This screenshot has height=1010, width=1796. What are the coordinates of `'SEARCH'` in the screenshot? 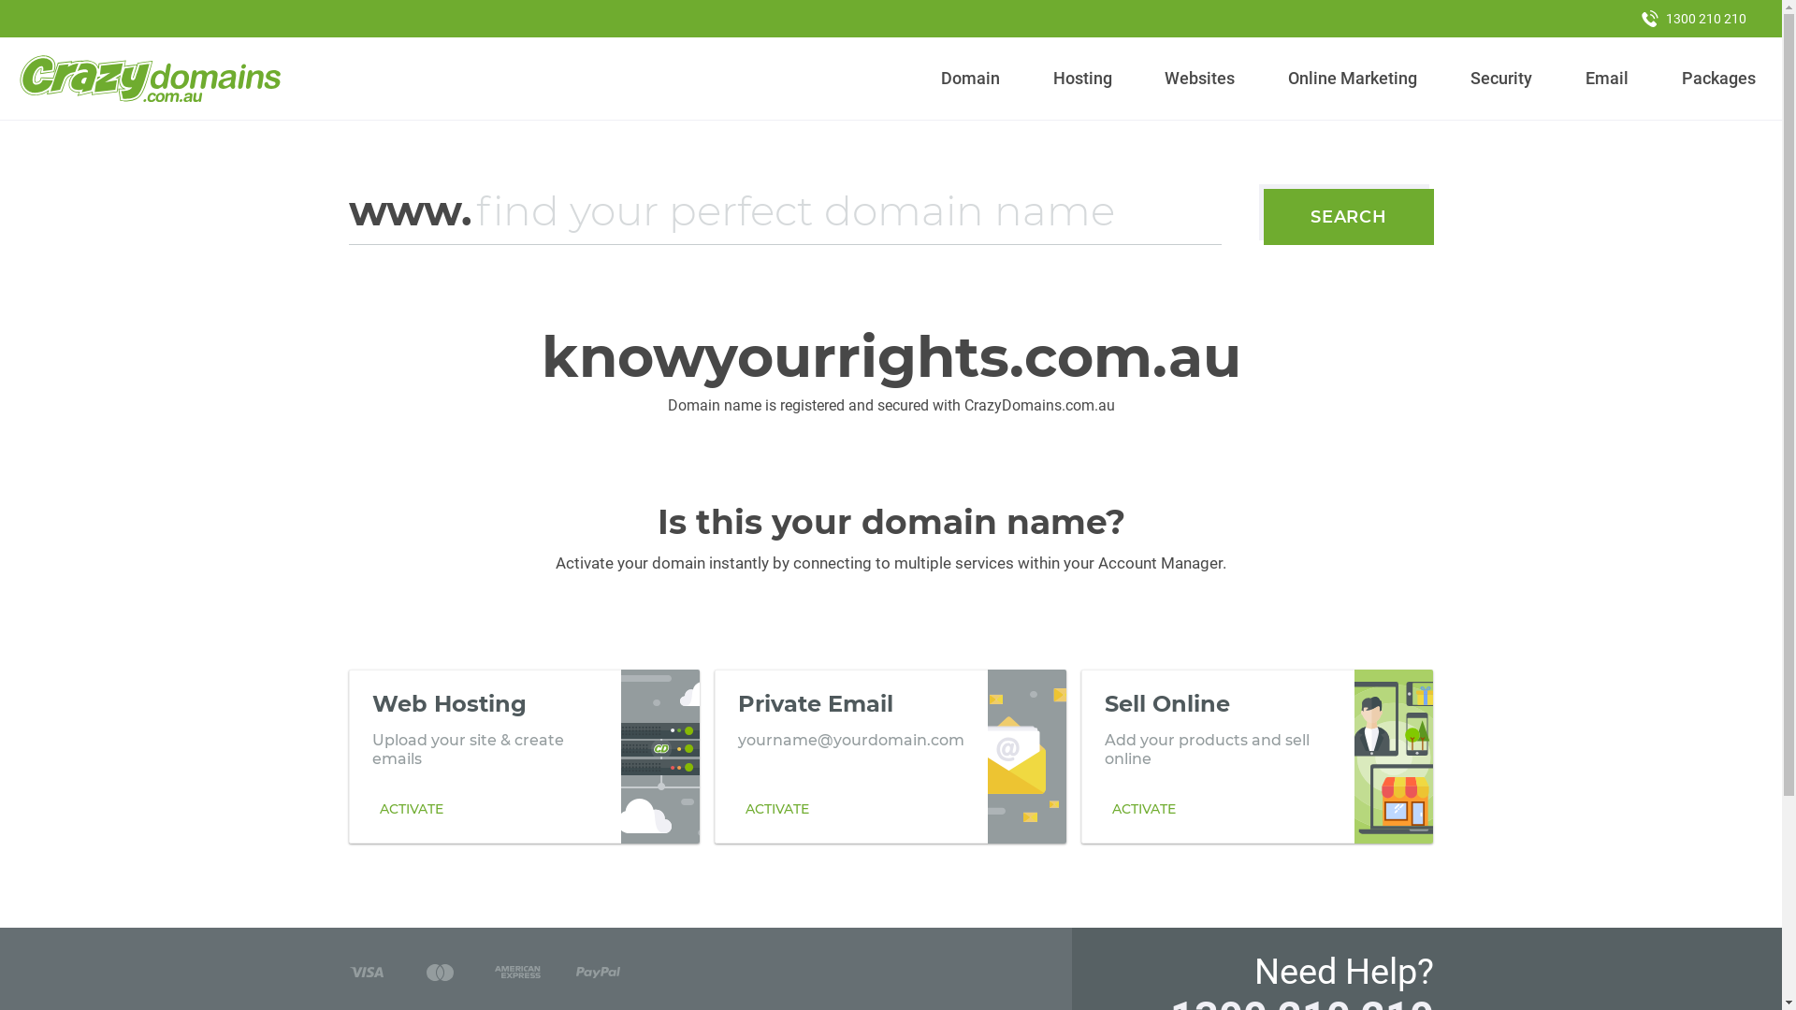 It's located at (1348, 215).